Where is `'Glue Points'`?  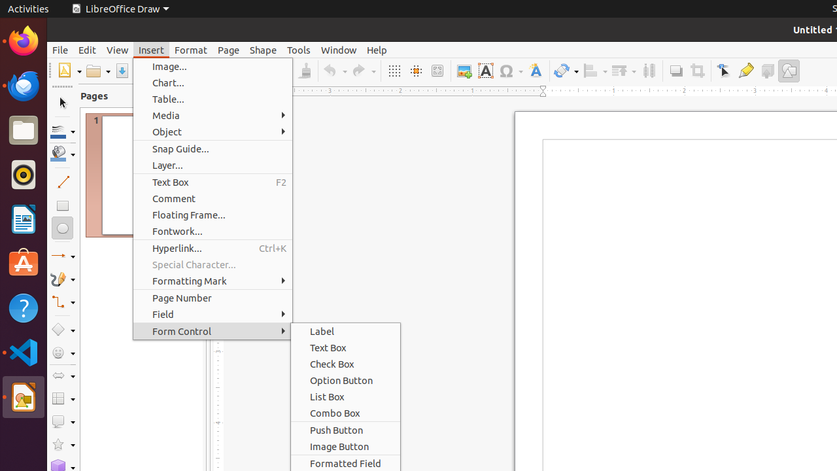 'Glue Points' is located at coordinates (745, 71).